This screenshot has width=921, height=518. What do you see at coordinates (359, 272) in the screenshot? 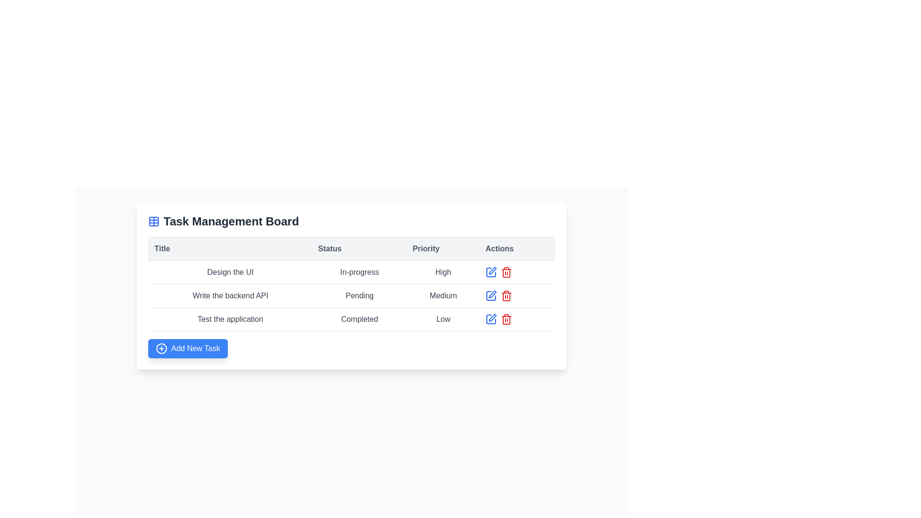
I see `the static text label displaying 'In-progress' in medium gray color, located in the 'Status' column of the task management board for the task 'Design the UI'` at bounding box center [359, 272].